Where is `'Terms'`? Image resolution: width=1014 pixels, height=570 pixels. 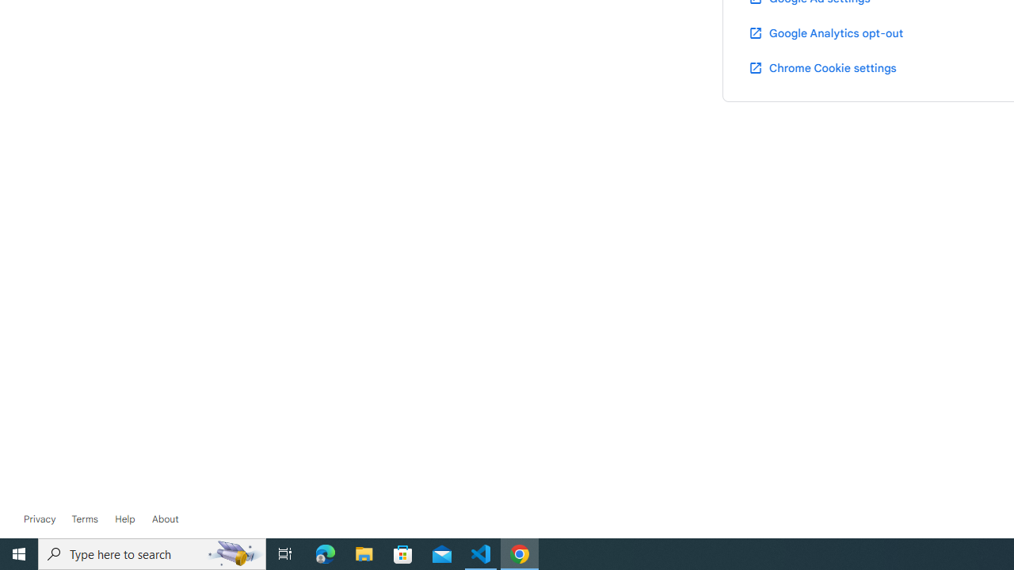
'Terms' is located at coordinates (83, 519).